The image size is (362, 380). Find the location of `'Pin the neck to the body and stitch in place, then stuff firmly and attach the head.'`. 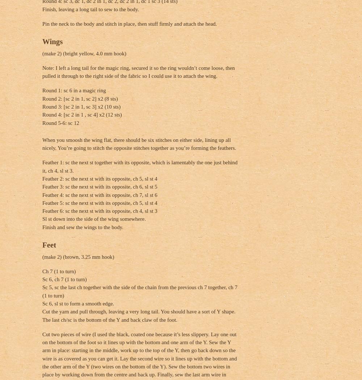

'Pin the neck to the body and stitch in place, then stuff firmly and attach the head.' is located at coordinates (129, 23).